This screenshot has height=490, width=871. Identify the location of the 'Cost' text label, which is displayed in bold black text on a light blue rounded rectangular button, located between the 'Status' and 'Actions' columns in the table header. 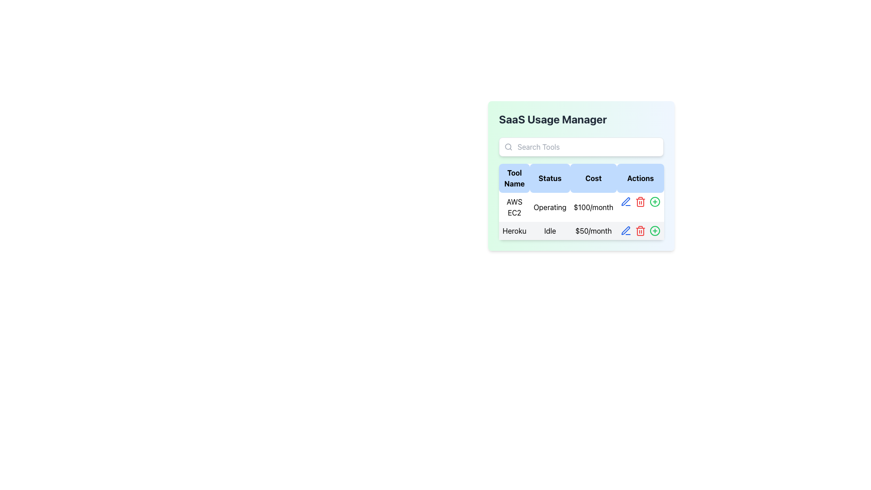
(593, 178).